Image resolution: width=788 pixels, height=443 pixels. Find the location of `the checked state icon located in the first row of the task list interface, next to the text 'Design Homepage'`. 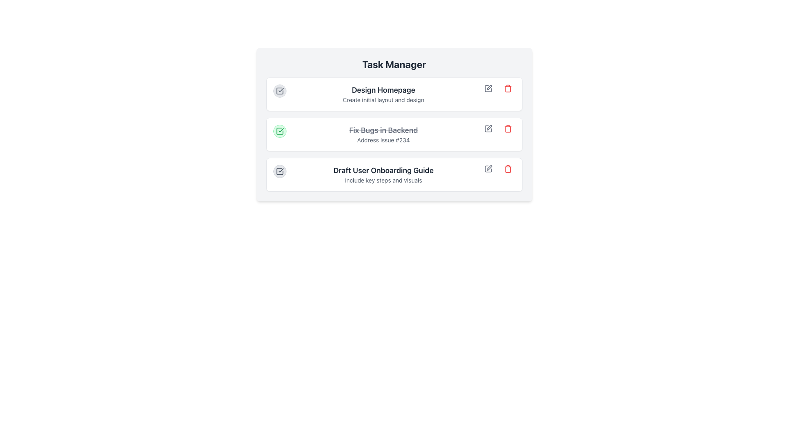

the checked state icon located in the first row of the task list interface, next to the text 'Design Homepage' is located at coordinates (279, 91).